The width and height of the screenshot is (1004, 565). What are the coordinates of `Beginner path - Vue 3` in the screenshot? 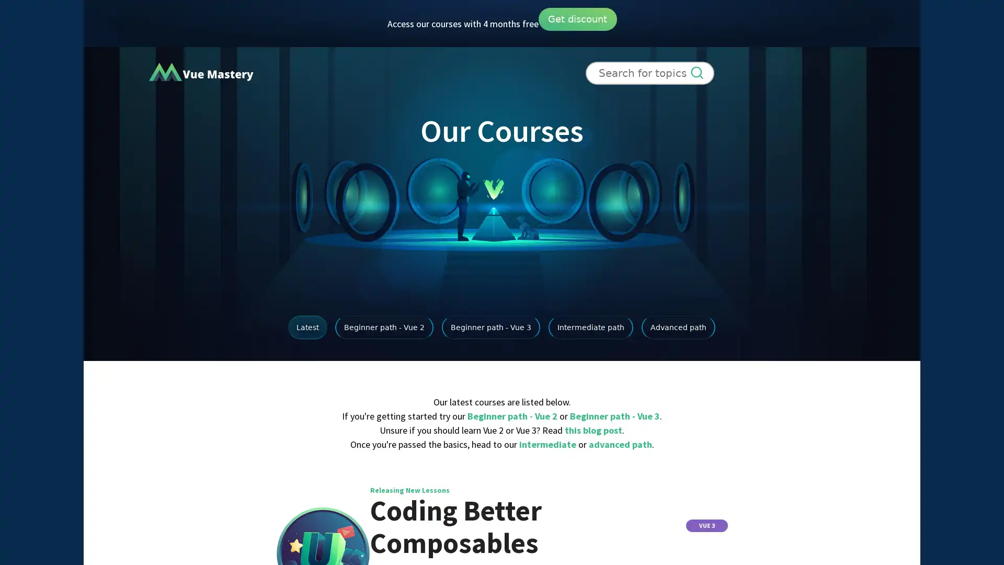 It's located at (488, 326).